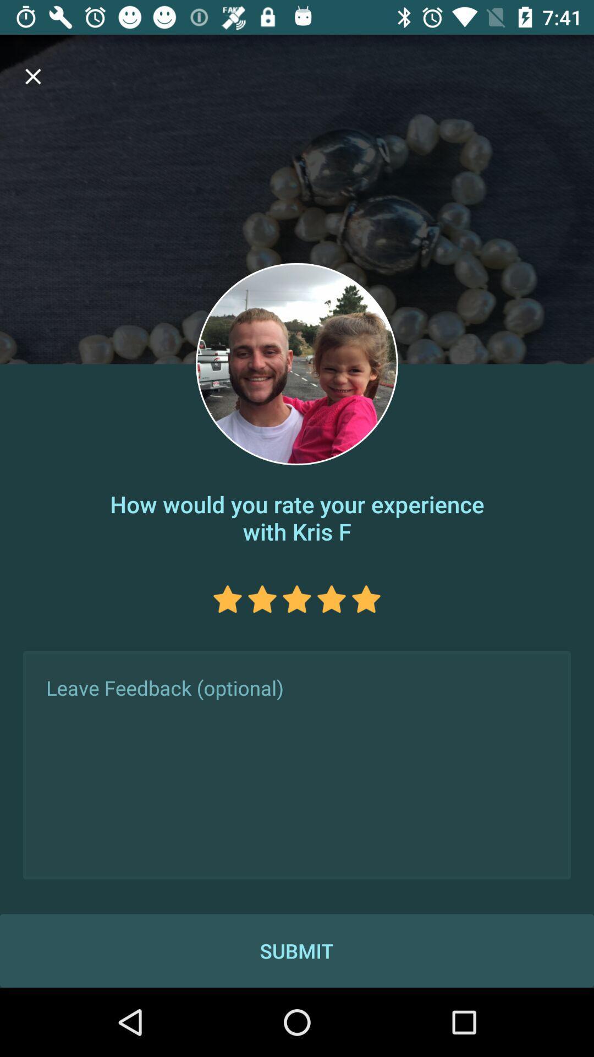 This screenshot has height=1057, width=594. What do you see at coordinates (262, 598) in the screenshot?
I see `rate 2 stars` at bounding box center [262, 598].